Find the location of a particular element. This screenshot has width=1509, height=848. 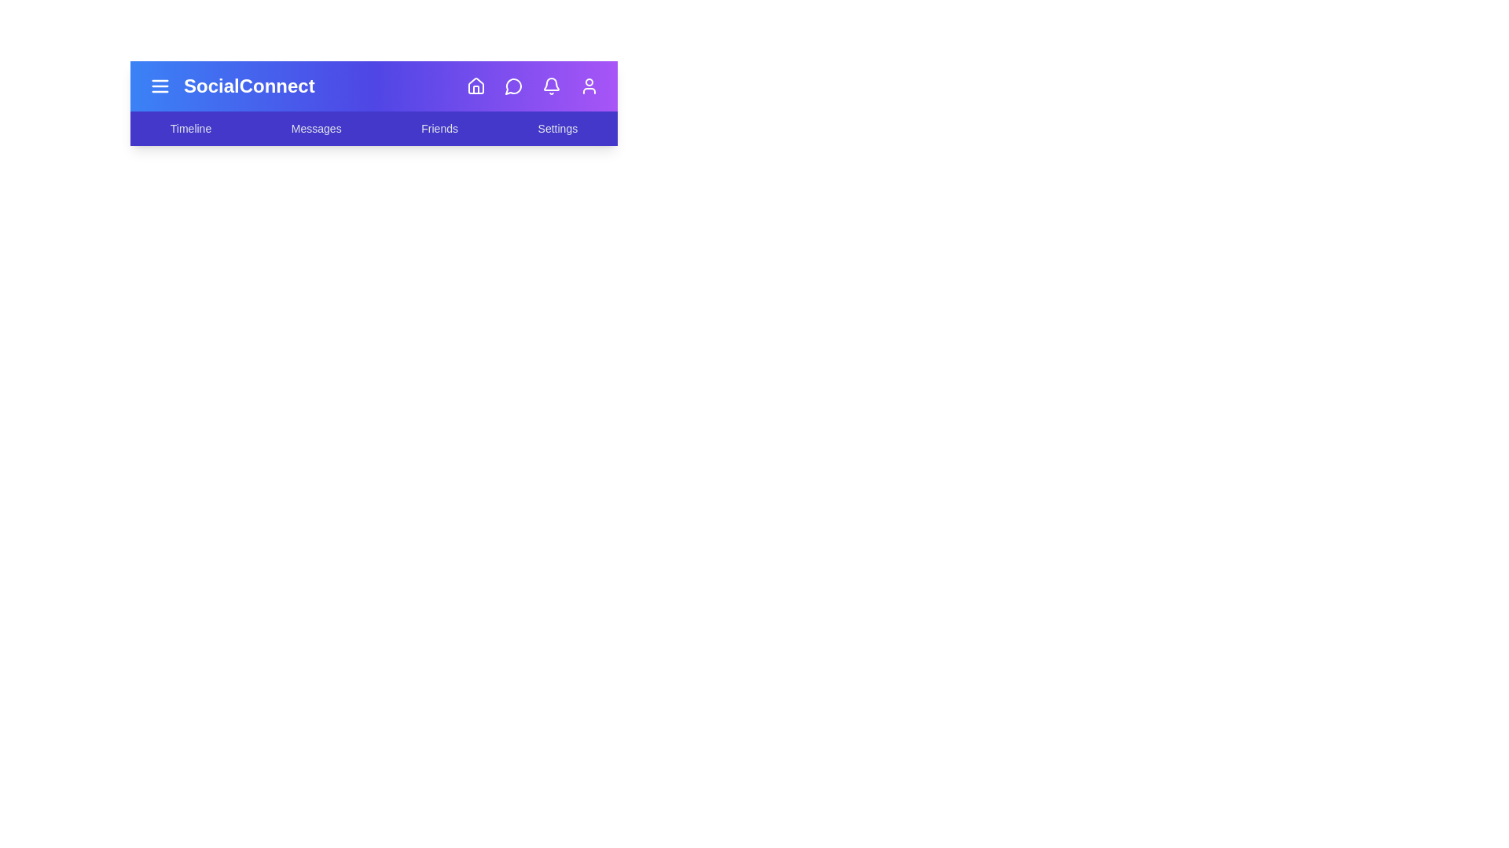

the User Profile icon in the navigation bar to navigate to its respective section is located at coordinates (588, 86).